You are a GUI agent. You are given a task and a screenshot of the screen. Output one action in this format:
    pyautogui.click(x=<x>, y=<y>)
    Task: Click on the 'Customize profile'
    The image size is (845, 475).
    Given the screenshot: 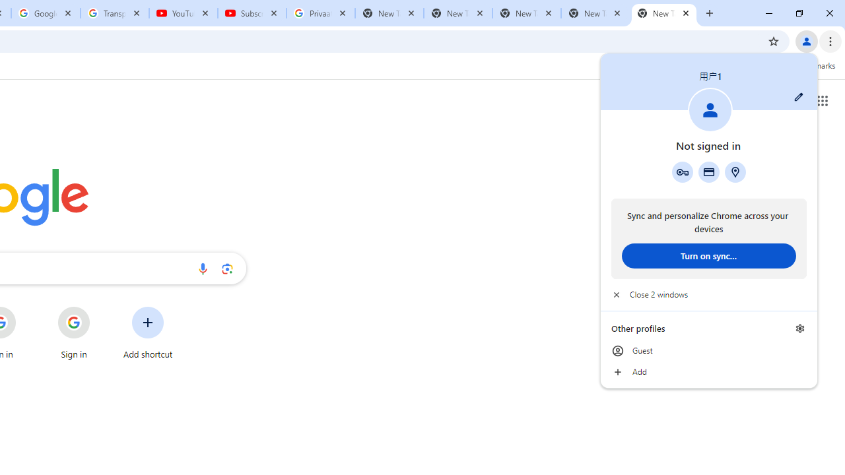 What is the action you would take?
    pyautogui.click(x=798, y=96)
    